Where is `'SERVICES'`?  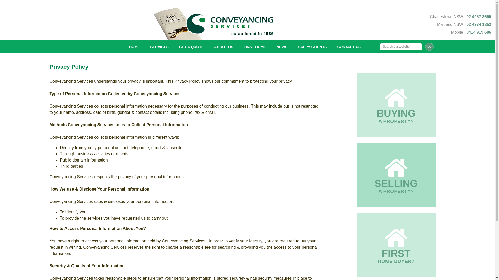
'SERVICES' is located at coordinates (145, 47).